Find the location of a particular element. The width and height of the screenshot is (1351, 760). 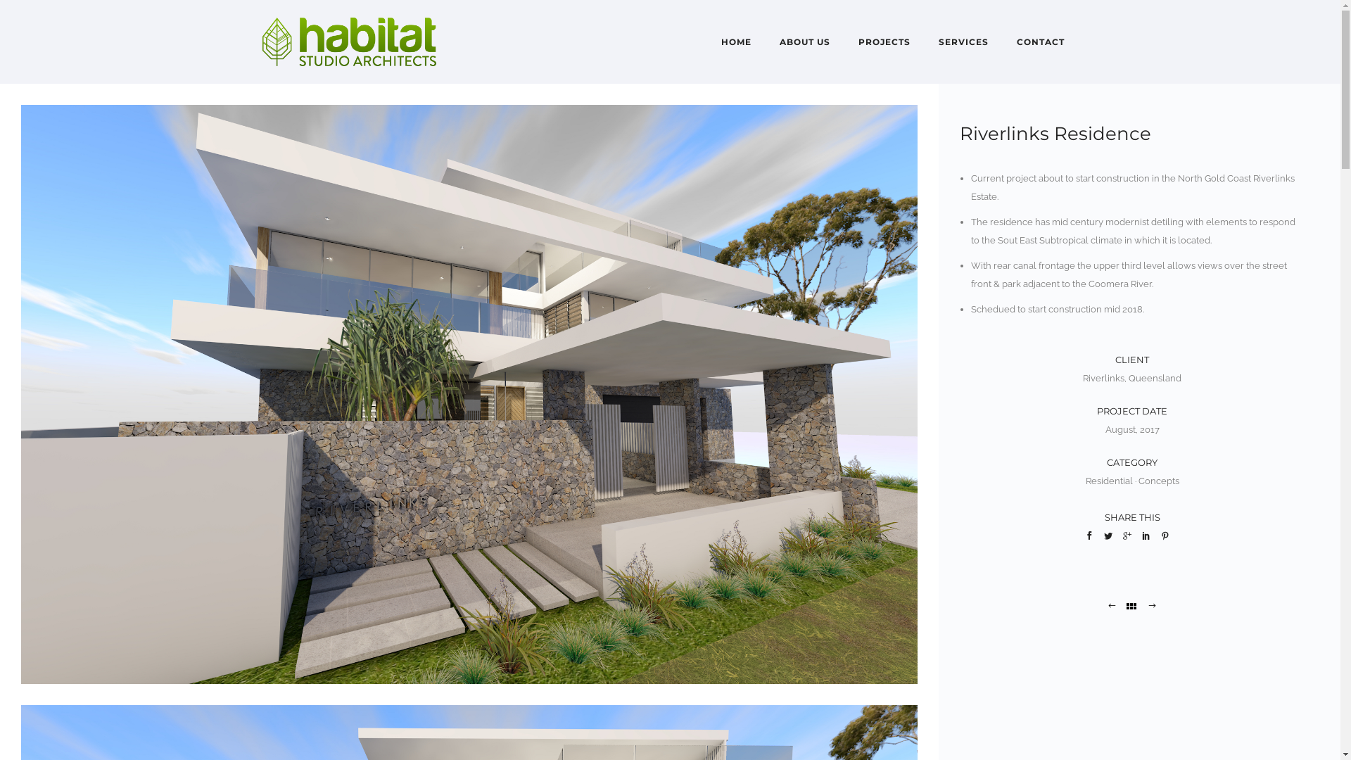

'SERVICES' is located at coordinates (963, 41).